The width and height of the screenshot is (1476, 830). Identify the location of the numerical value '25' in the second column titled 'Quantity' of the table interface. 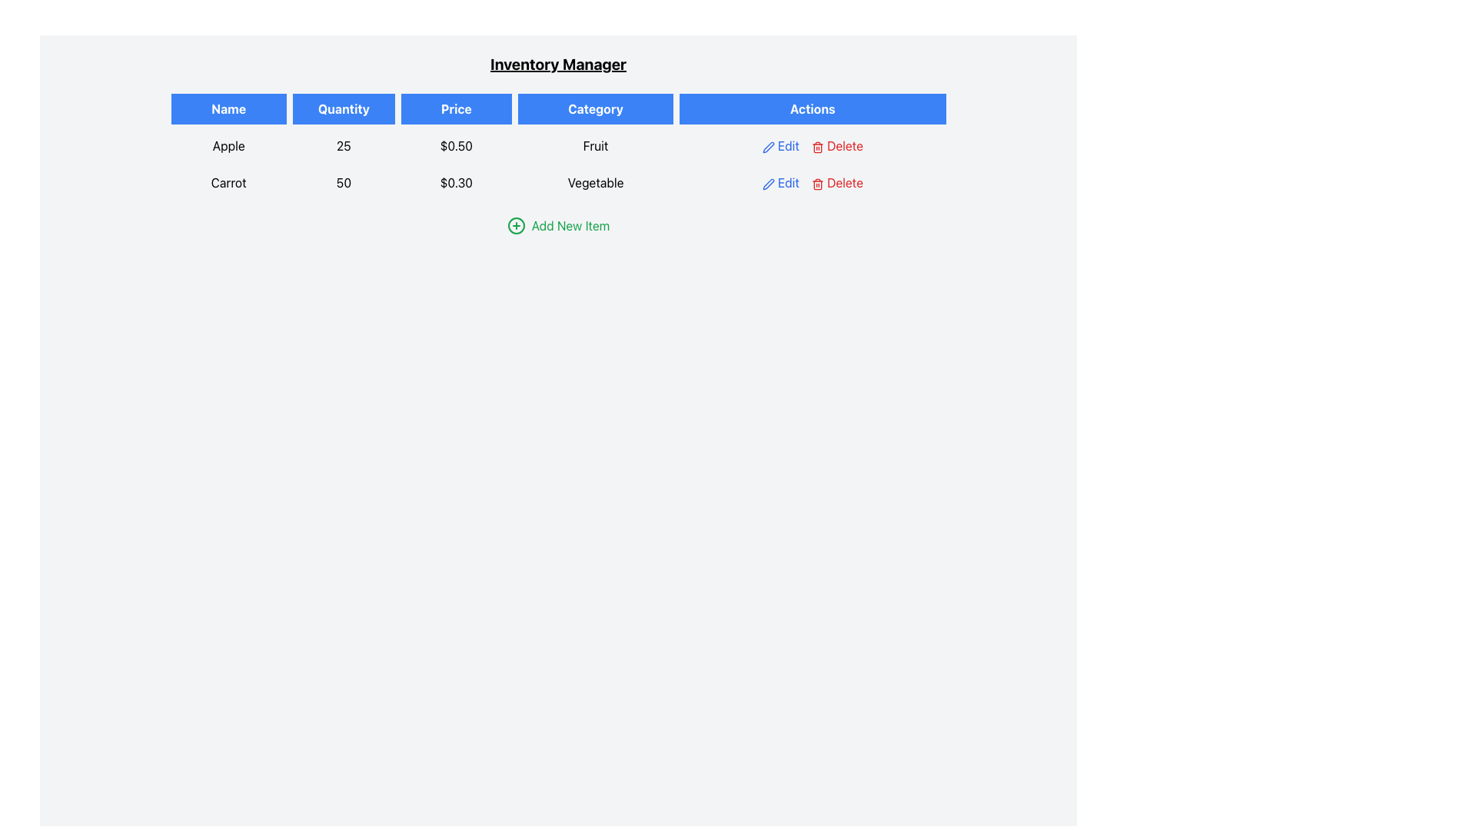
(343, 145).